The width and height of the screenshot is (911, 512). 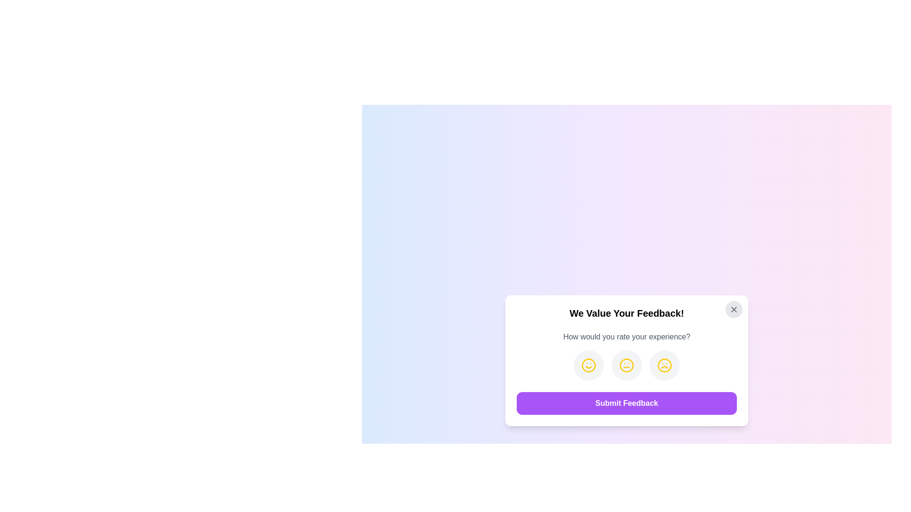 What do you see at coordinates (626, 365) in the screenshot?
I see `the neutral rating button located below the text 'How would you rate your experience?'` at bounding box center [626, 365].